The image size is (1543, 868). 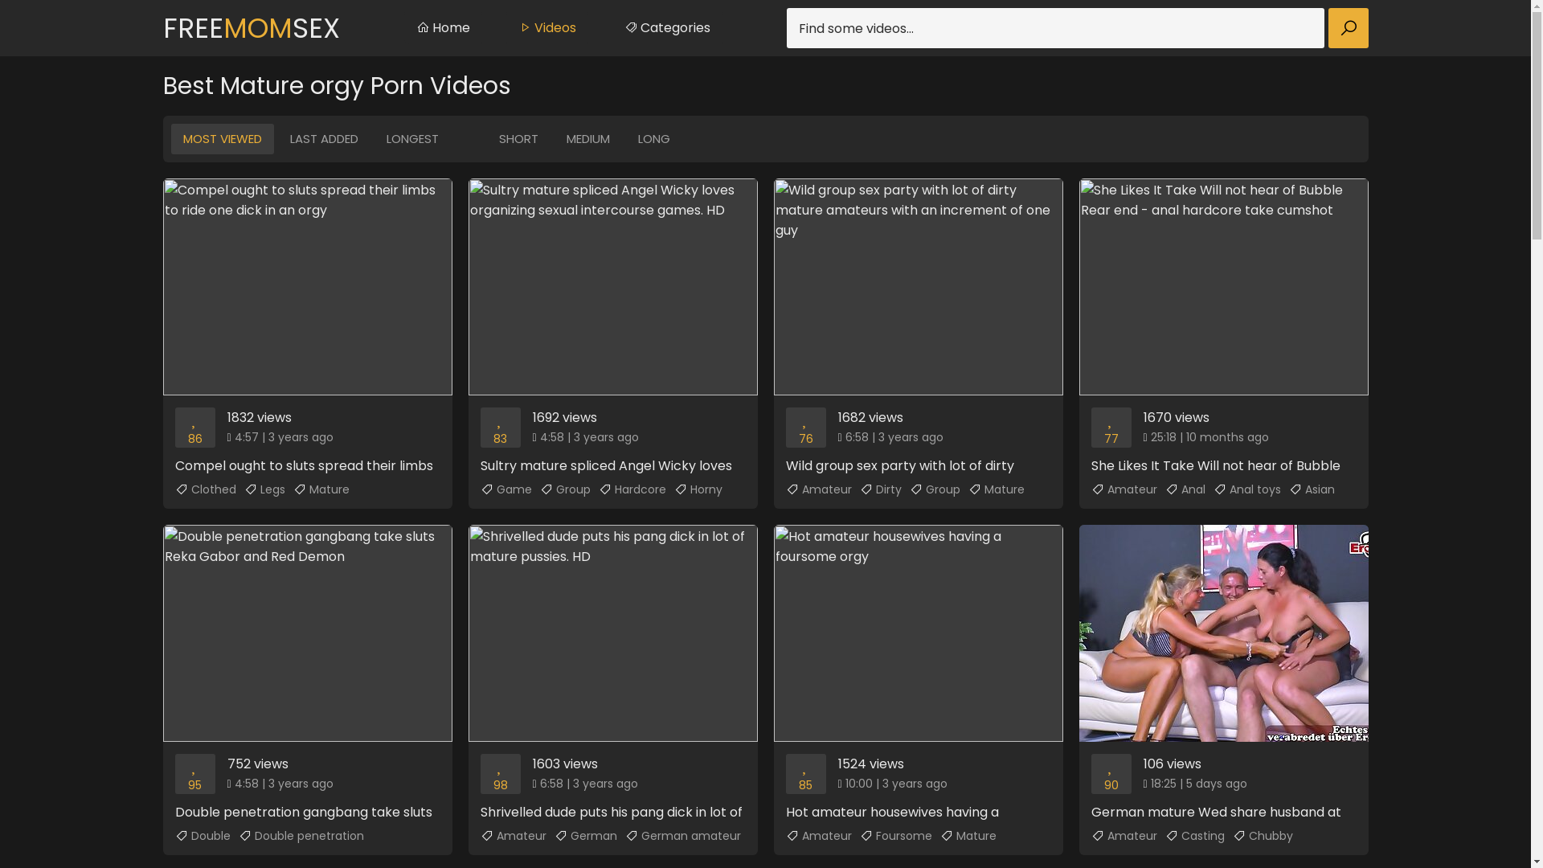 What do you see at coordinates (412, 138) in the screenshot?
I see `'LONGEST'` at bounding box center [412, 138].